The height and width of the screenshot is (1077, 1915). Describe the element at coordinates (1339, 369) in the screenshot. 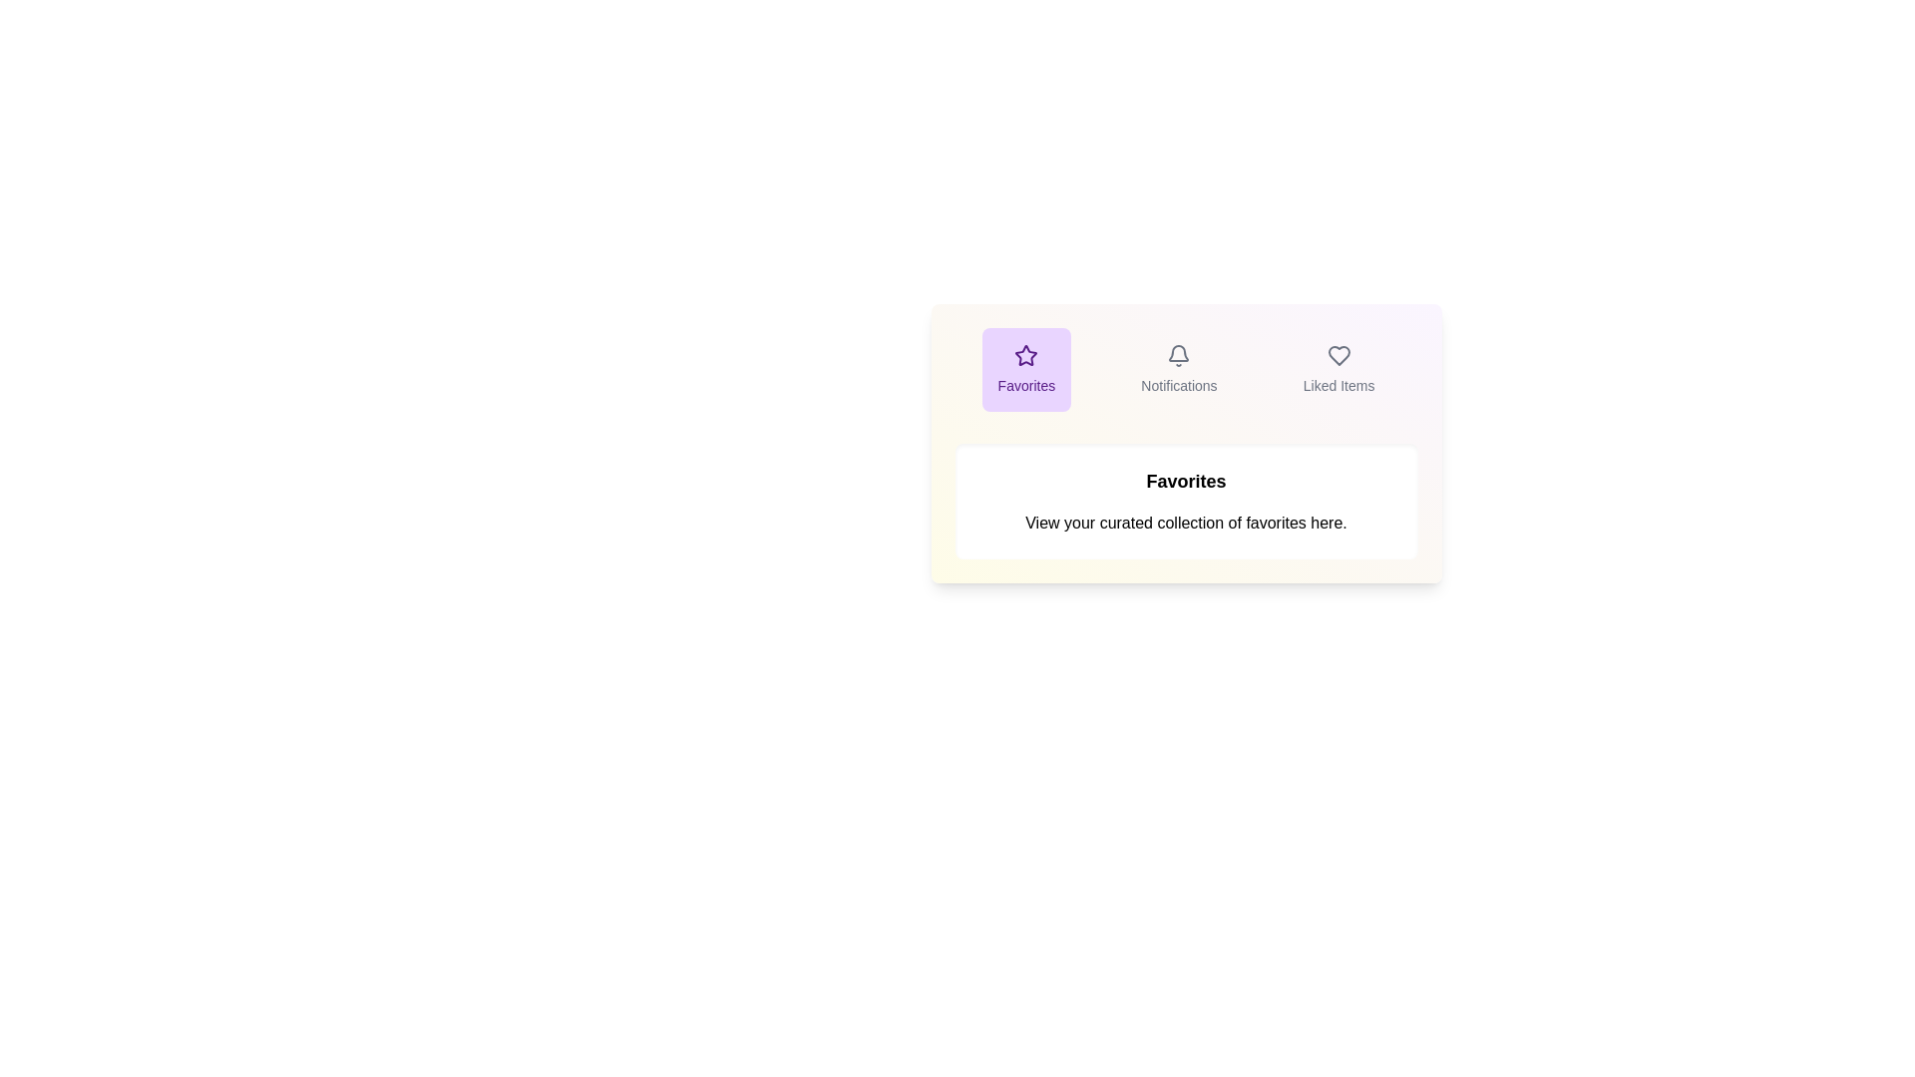

I see `the tab labeled Liked Items` at that location.